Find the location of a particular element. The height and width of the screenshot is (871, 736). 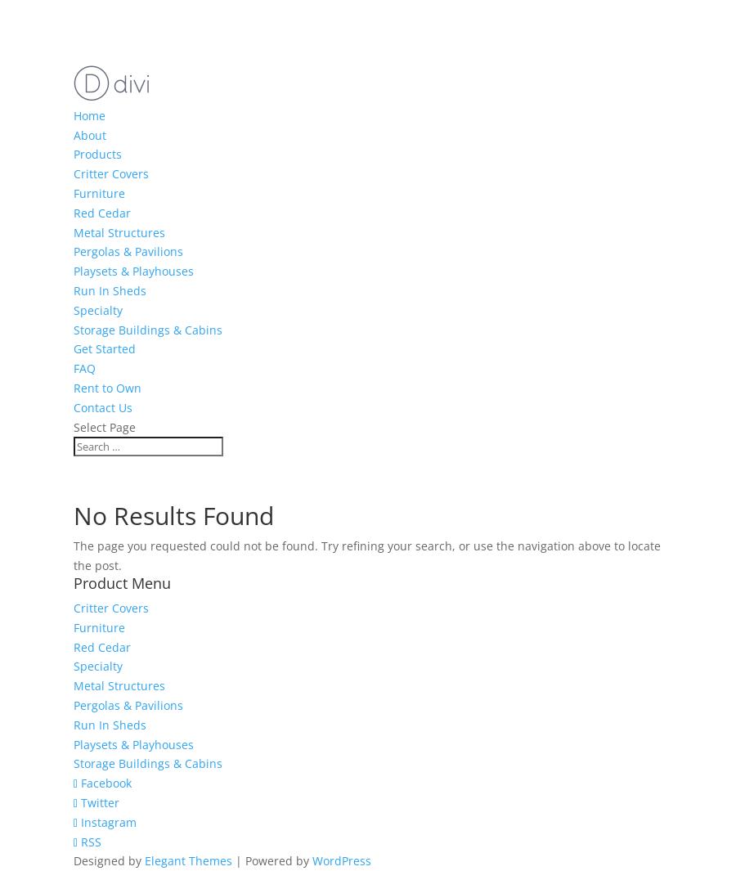

'About' is located at coordinates (88, 133).